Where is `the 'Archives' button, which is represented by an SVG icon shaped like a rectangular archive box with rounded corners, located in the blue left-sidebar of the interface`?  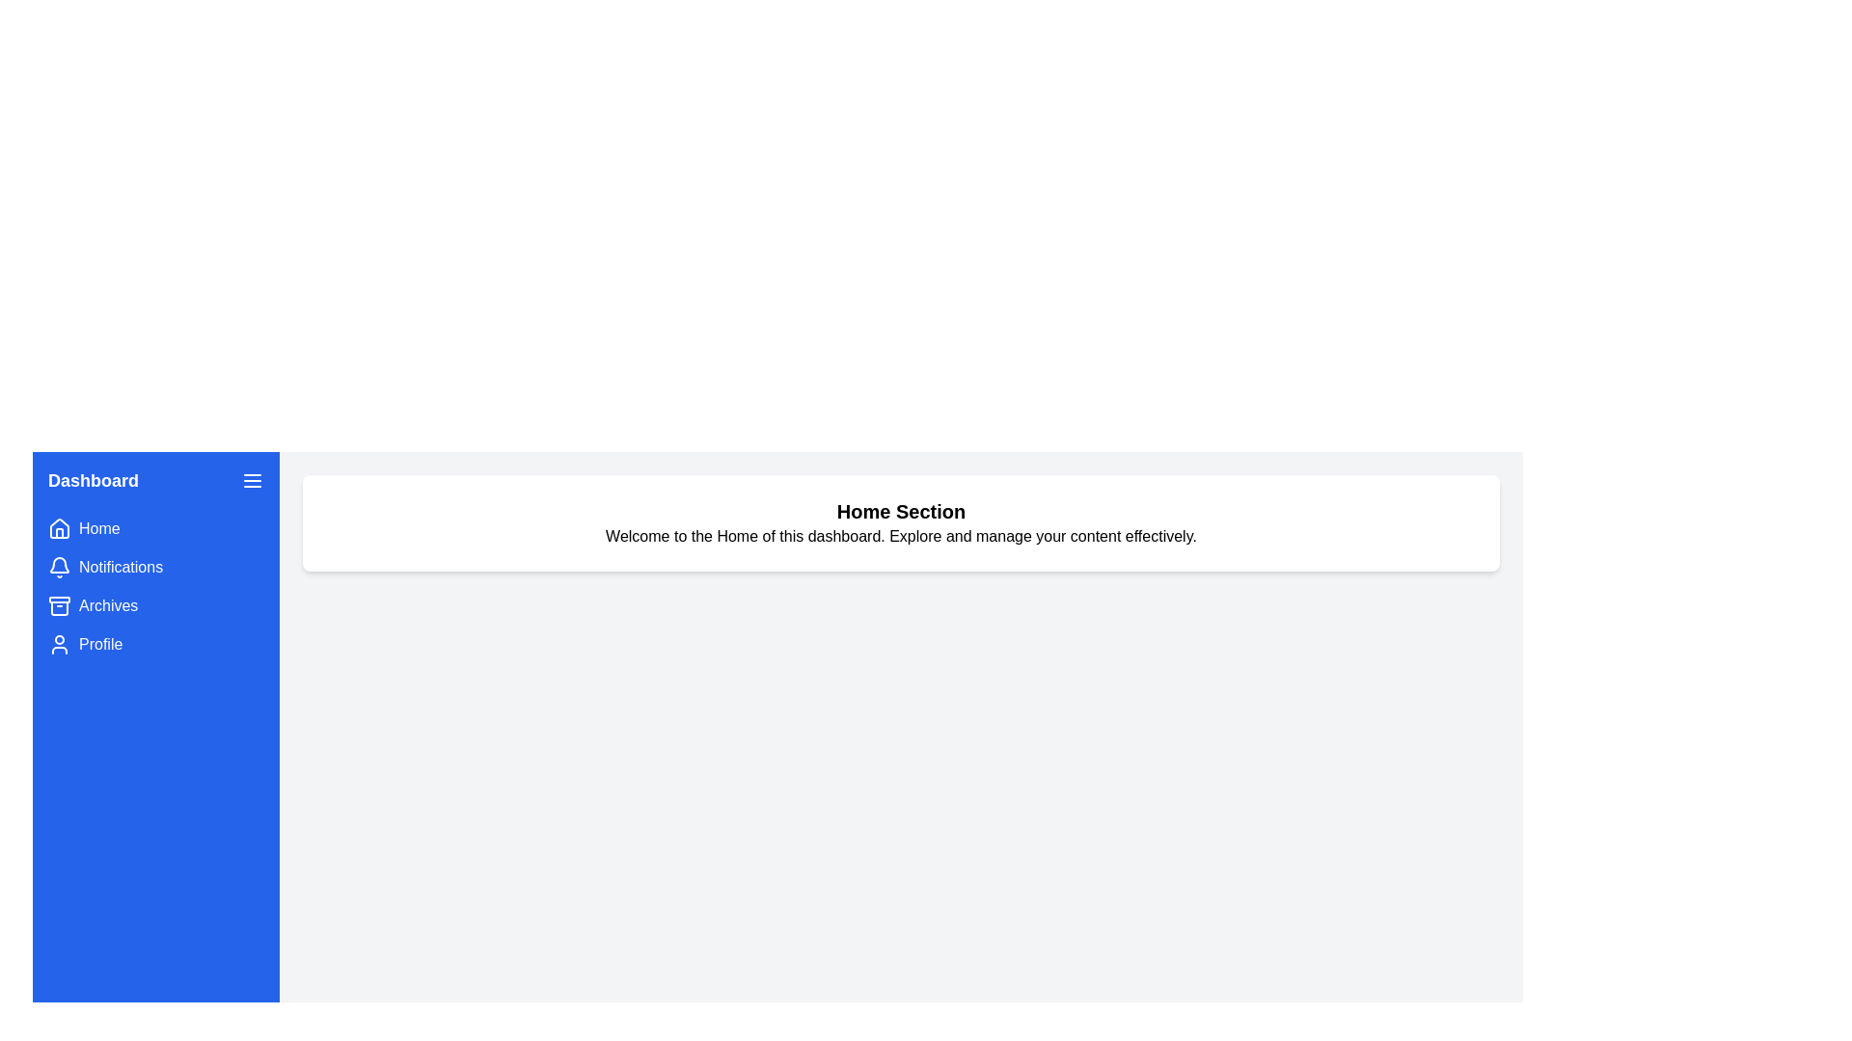 the 'Archives' button, which is represented by an SVG icon shaped like a rectangular archive box with rounded corners, located in the blue left-sidebar of the interface is located at coordinates (60, 608).